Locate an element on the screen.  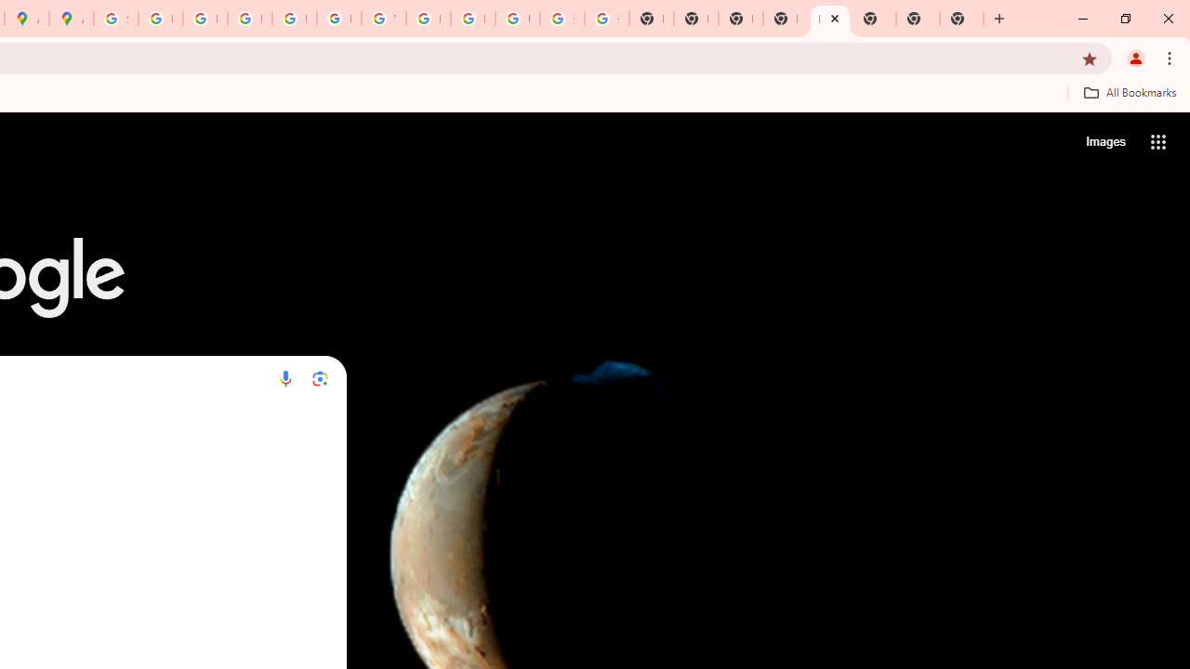
'Search by voice' is located at coordinates (284, 377).